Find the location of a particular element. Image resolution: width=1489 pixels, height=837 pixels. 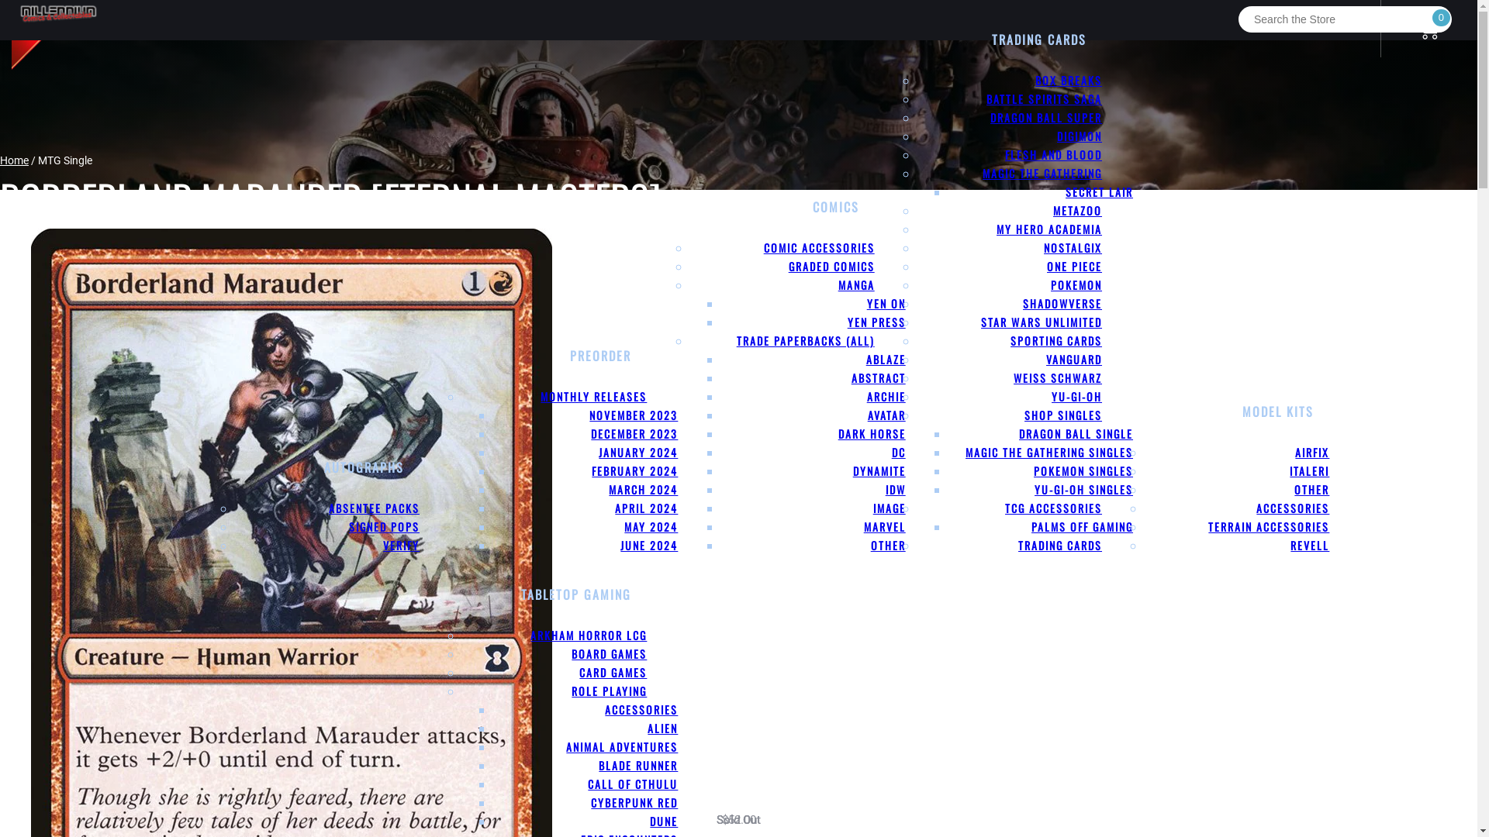

'COMIC ACCESSORIES' is located at coordinates (818, 246).